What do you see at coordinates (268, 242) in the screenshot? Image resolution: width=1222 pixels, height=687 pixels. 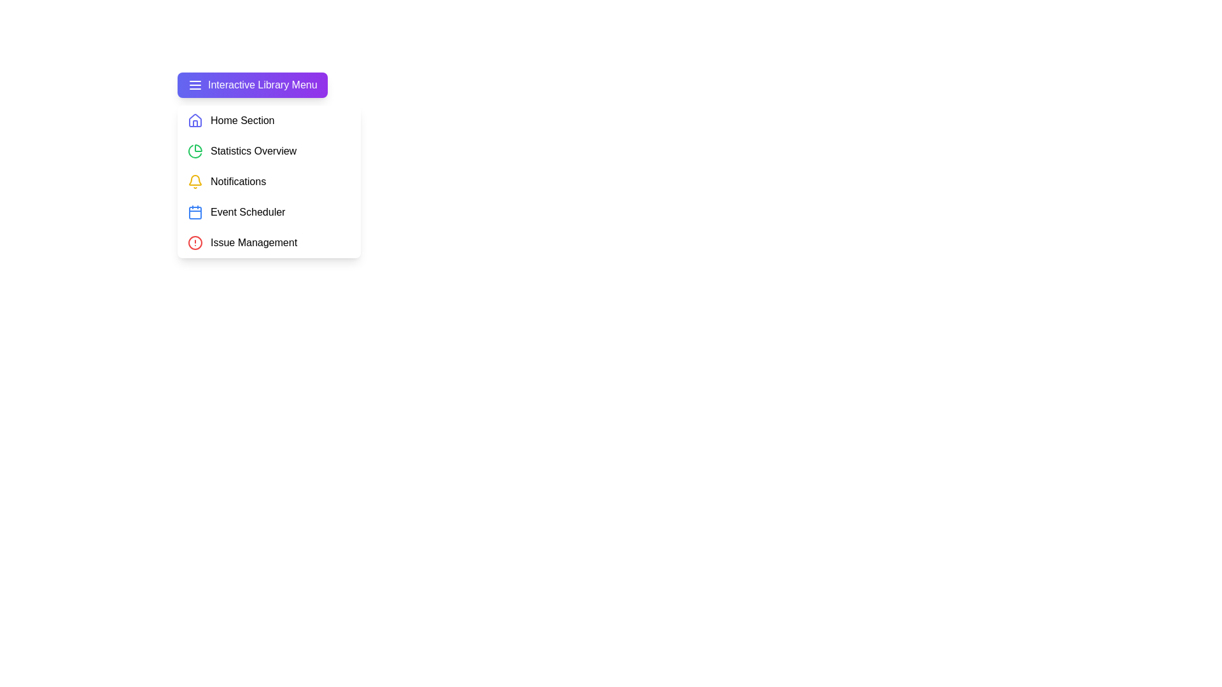 I see `the menu item Issue Management from the LibraryMenu` at bounding box center [268, 242].